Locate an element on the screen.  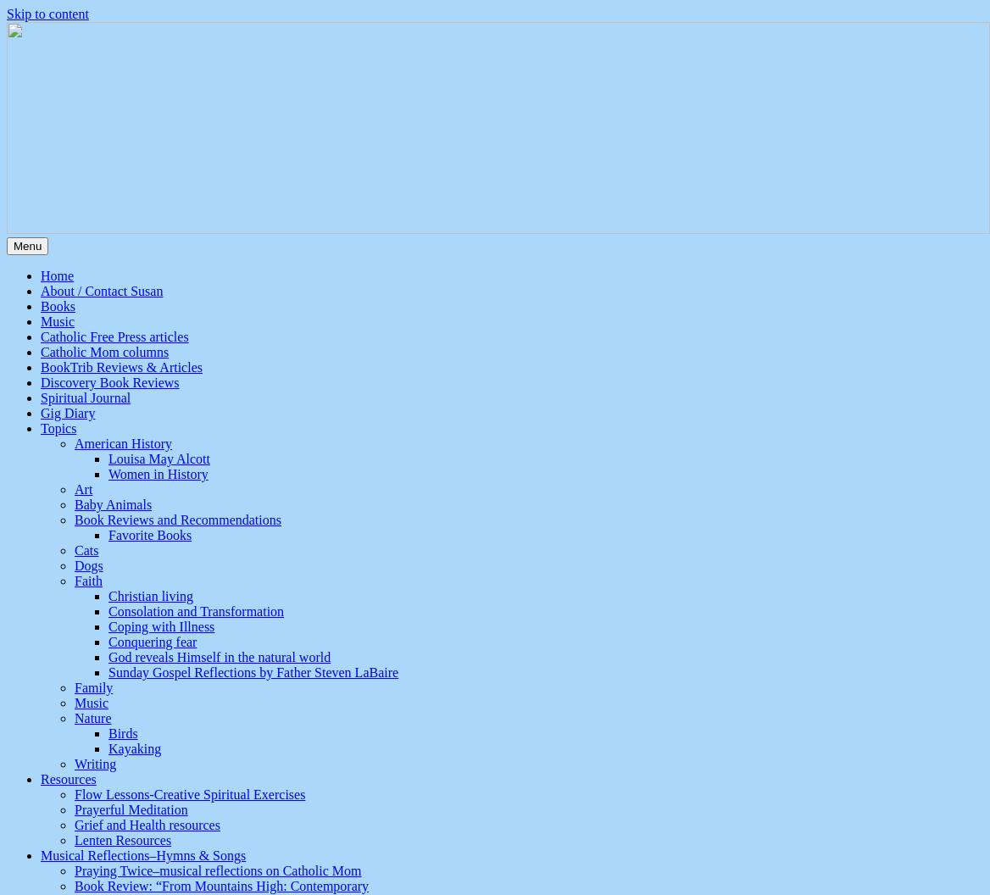
'Grief and Health resources' is located at coordinates (147, 825).